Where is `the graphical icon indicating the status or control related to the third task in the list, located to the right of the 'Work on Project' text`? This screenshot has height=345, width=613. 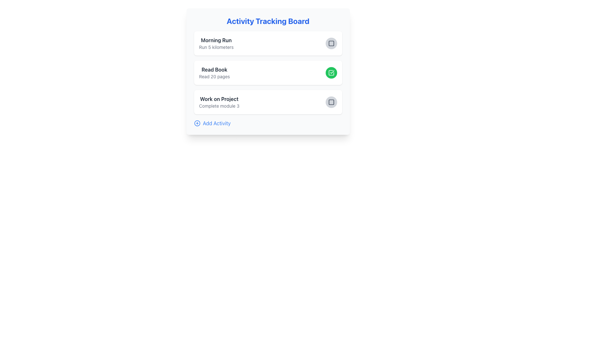 the graphical icon indicating the status or control related to the third task in the list, located to the right of the 'Work on Project' text is located at coordinates (331, 102).